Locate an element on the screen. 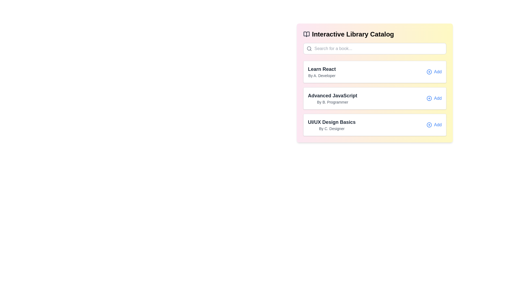 Image resolution: width=520 pixels, height=292 pixels. title and author information from the second card in the Interactive Library Catalog, which is located below the 'Learn React' card and above the 'UI/UX Design Basics' card is located at coordinates (374, 98).